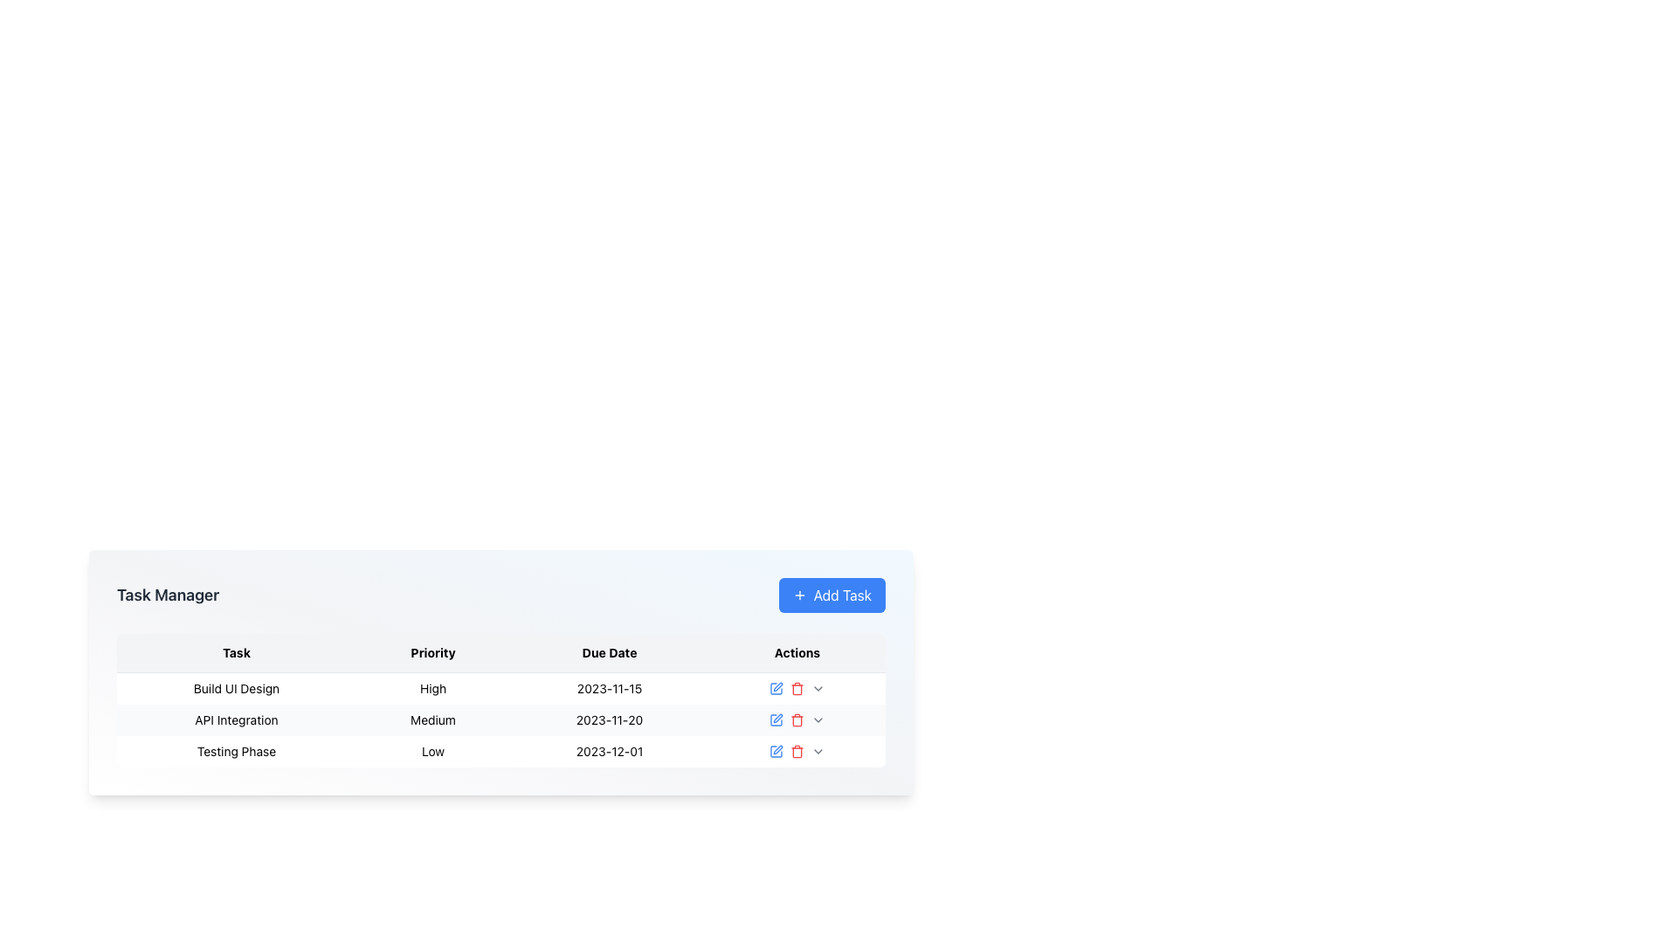 This screenshot has width=1677, height=943. Describe the element at coordinates (777, 718) in the screenshot. I see `keyboard navigation` at that location.